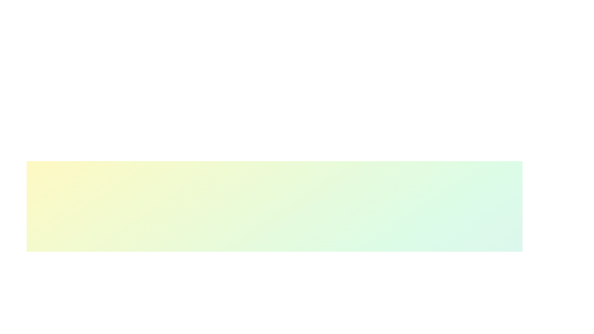 The width and height of the screenshot is (594, 334). What do you see at coordinates (338, 283) in the screenshot?
I see `the decorative icon to visually inspect its details` at bounding box center [338, 283].